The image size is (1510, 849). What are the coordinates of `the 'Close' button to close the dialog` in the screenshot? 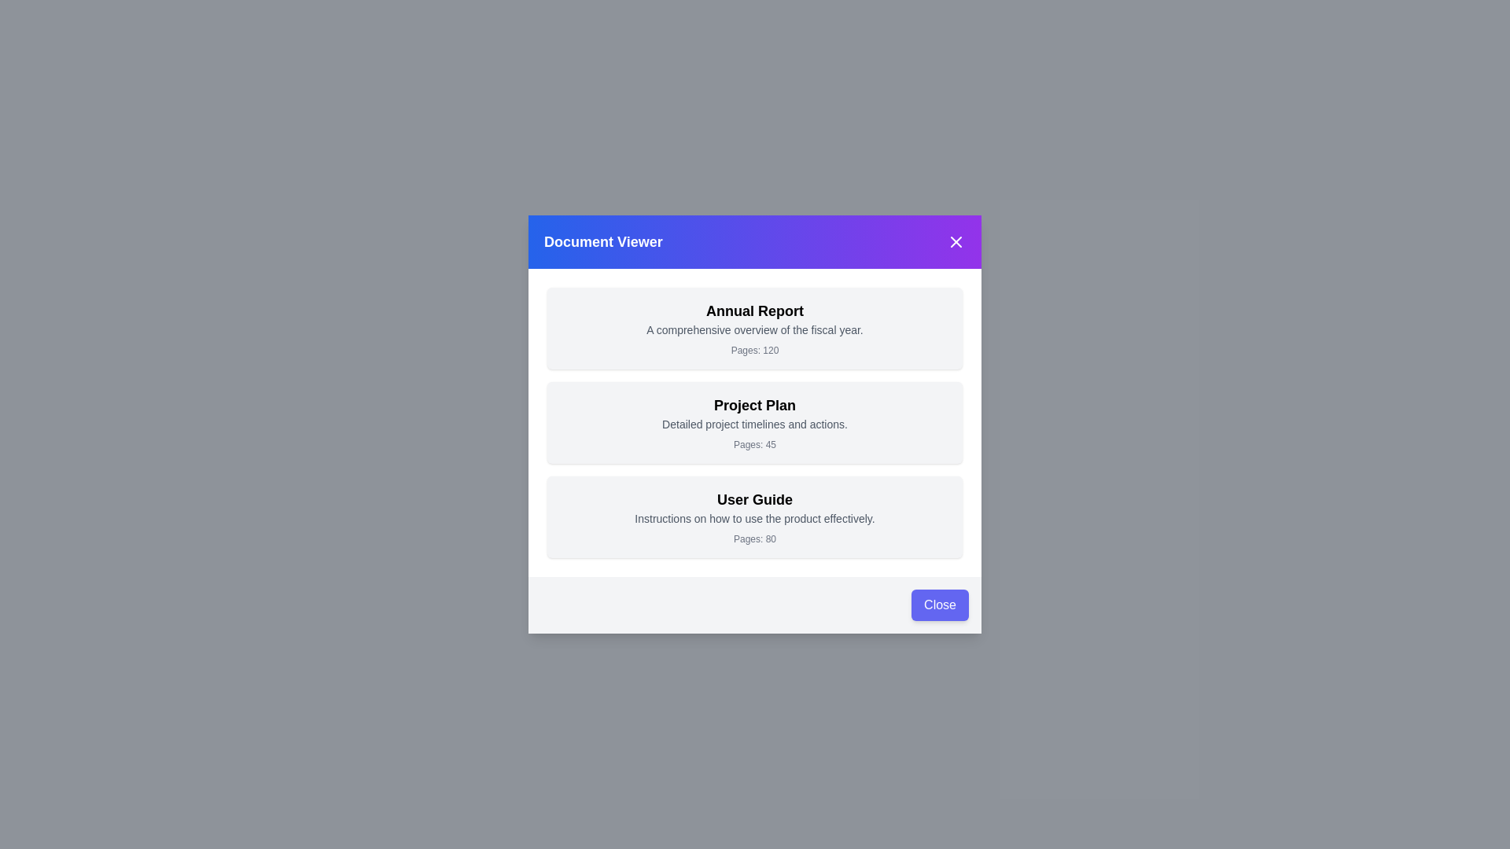 It's located at (940, 605).